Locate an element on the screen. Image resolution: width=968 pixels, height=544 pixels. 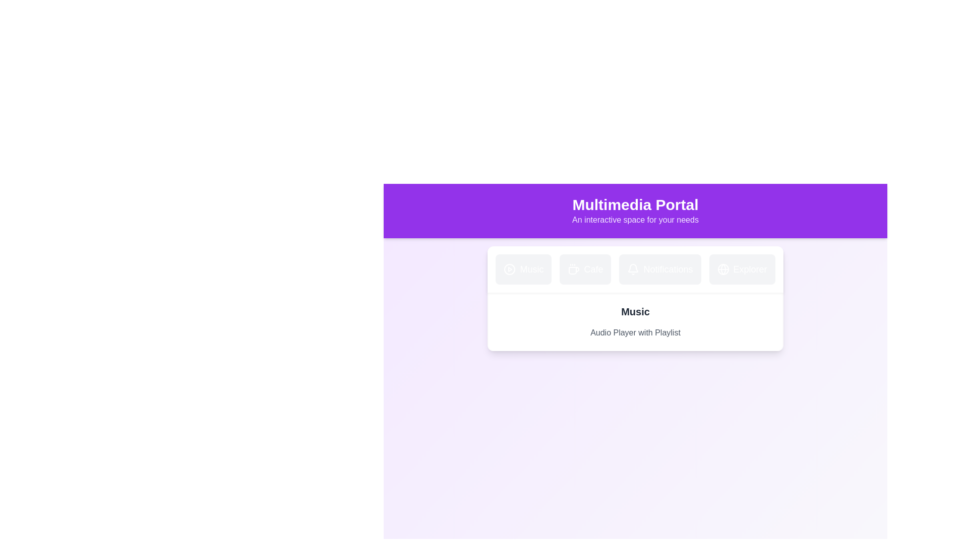
the fourth navigation item on the upper-right section of the navigation options is located at coordinates (742, 269).